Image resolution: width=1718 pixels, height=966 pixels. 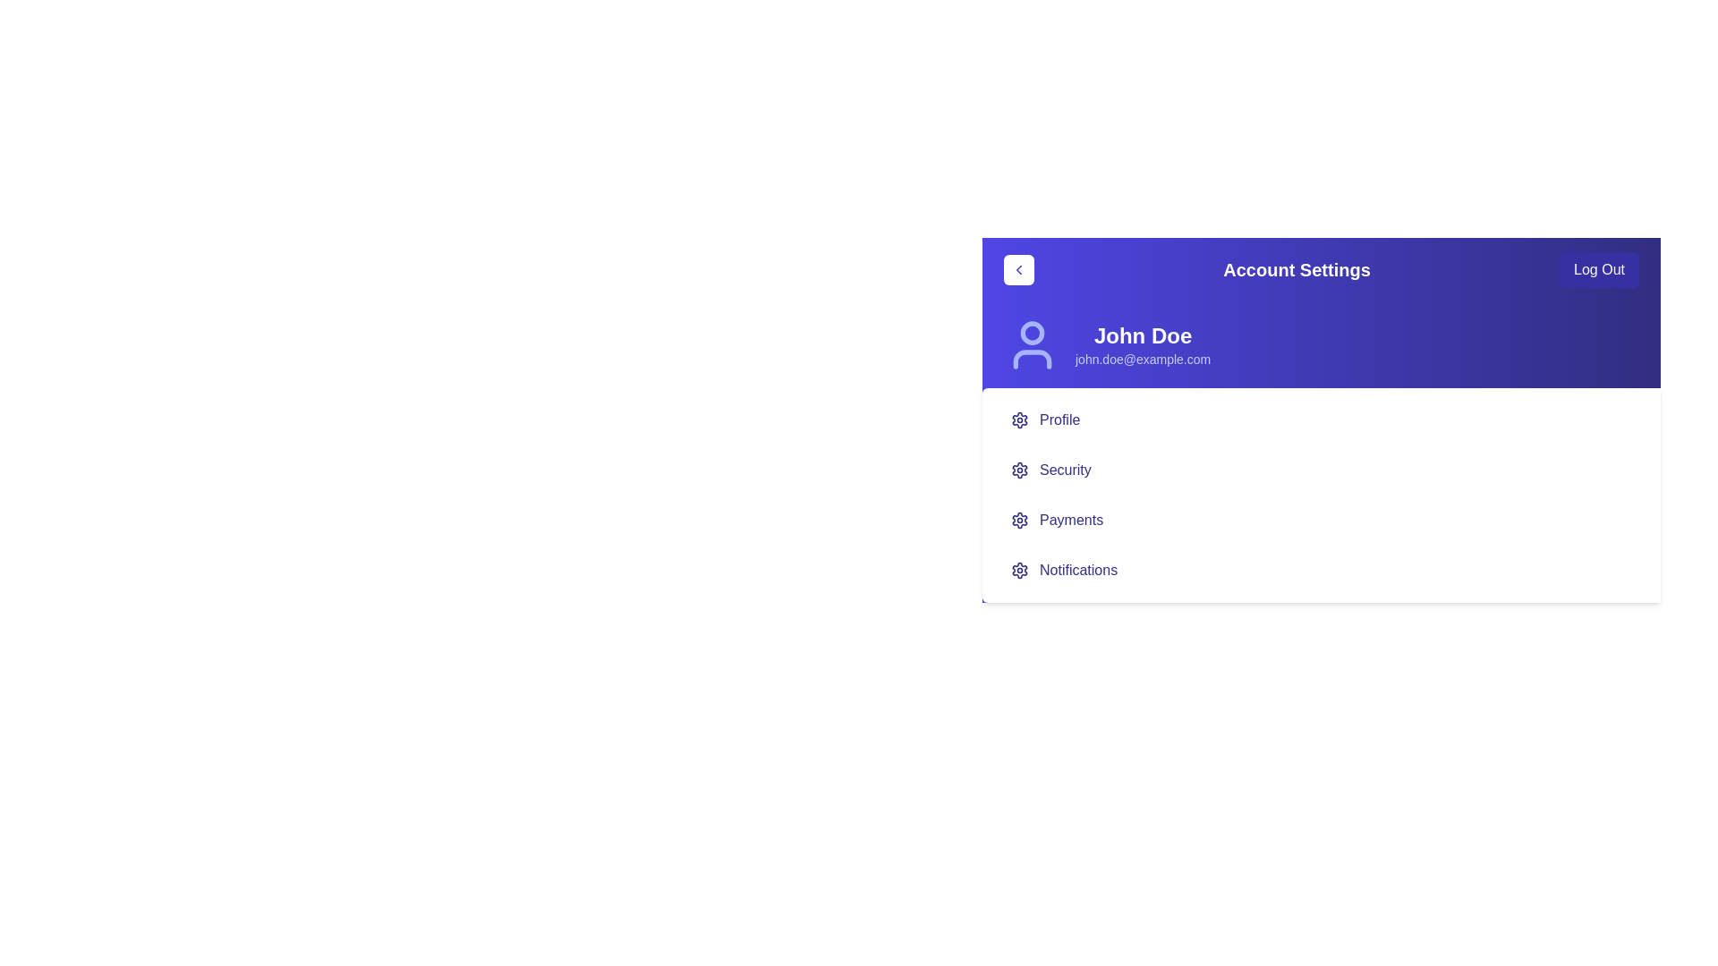 I want to click on the settings icon associated with the 'Profile' entry, which is the first icon on the left of the 'Profile' label in the vertical menu list, so click(x=1020, y=420).